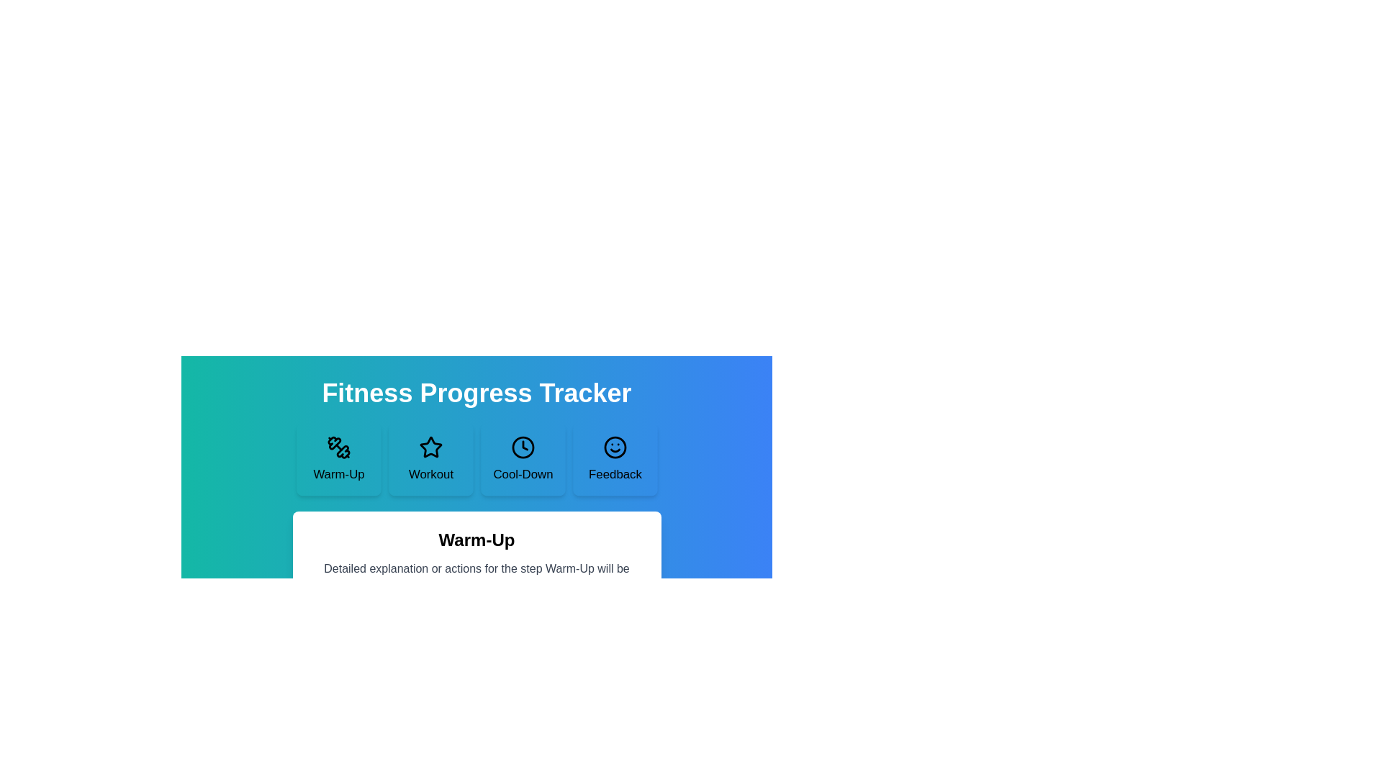 Image resolution: width=1382 pixels, height=777 pixels. What do you see at coordinates (522, 460) in the screenshot?
I see `the step Cool-Down in the FitnessProgressStepper component` at bounding box center [522, 460].